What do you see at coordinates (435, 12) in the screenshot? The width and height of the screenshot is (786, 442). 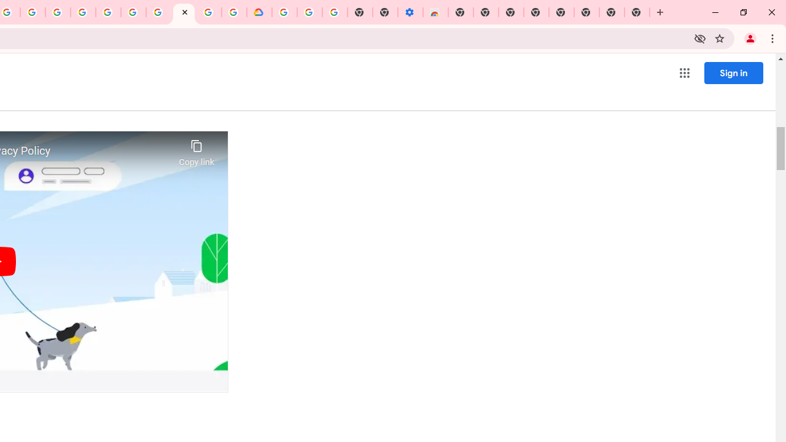 I see `'Chrome Web Store - Accessibility extensions'` at bounding box center [435, 12].